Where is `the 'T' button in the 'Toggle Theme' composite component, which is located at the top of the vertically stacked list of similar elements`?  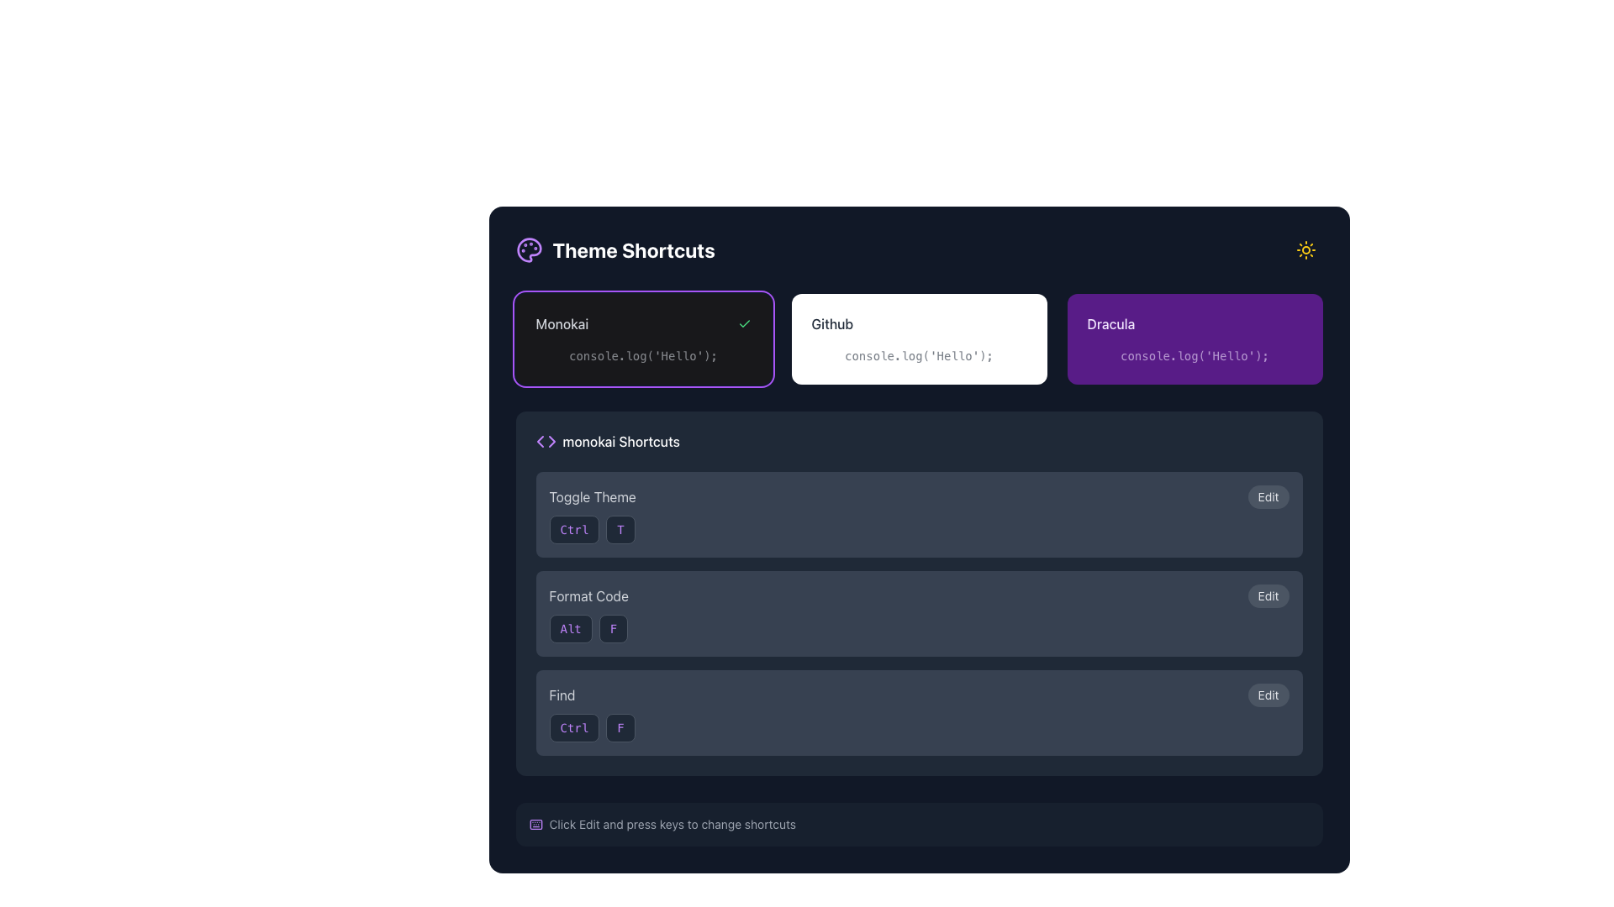
the 'T' button in the 'Toggle Theme' composite component, which is located at the top of the vertically stacked list of similar elements is located at coordinates (918, 514).